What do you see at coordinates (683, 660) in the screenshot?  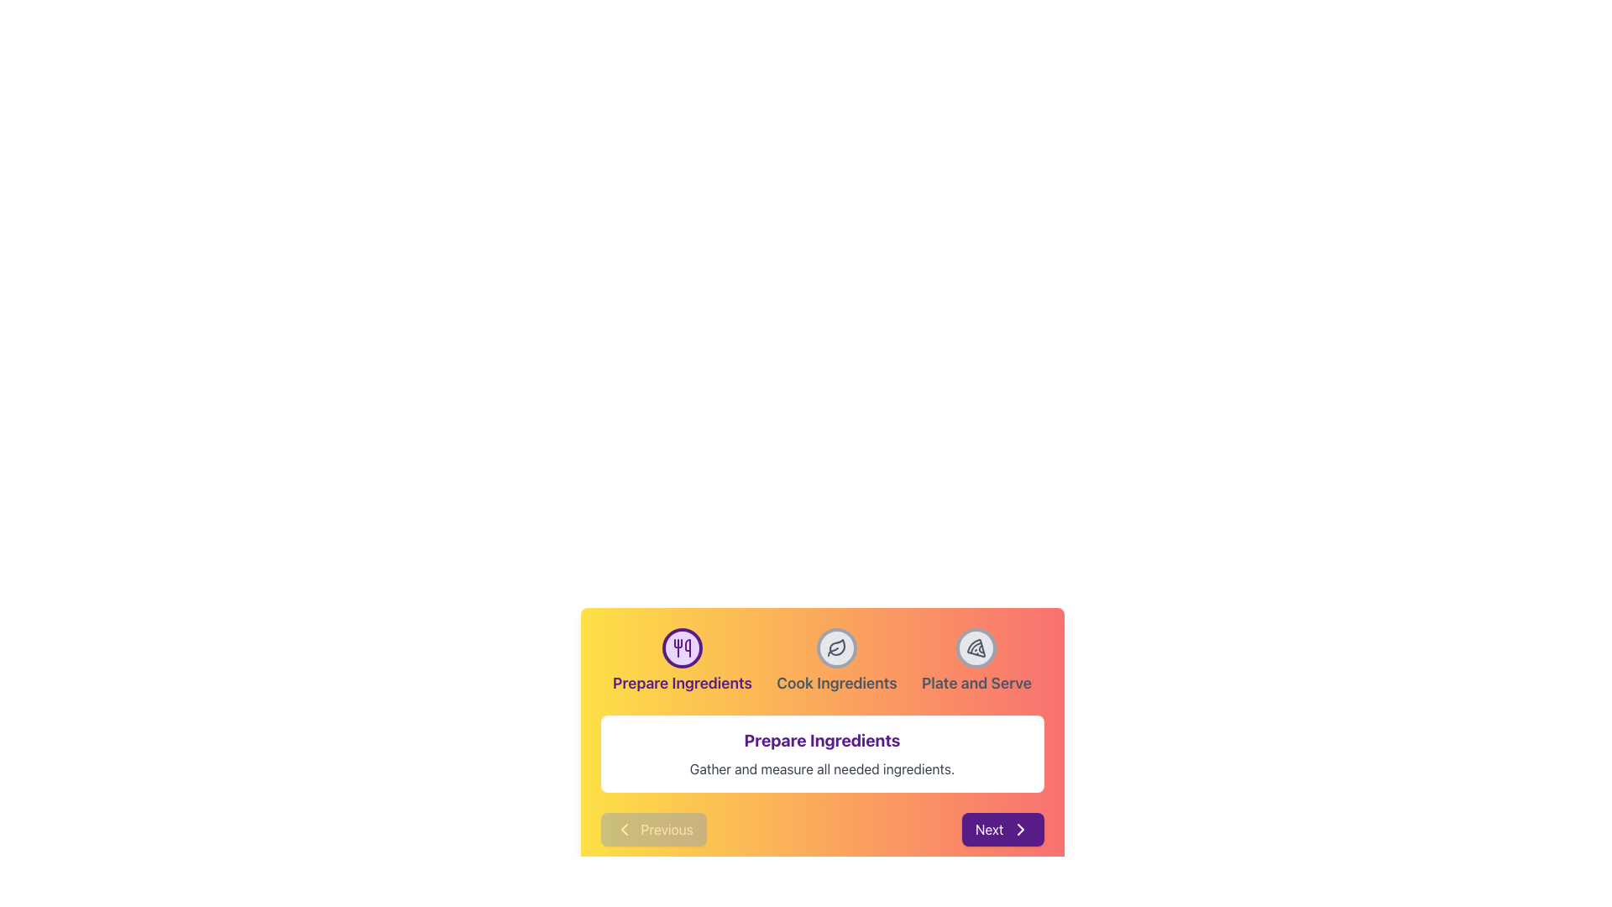 I see `the leftmost step indicator element labeled 'Prepare Ingredients', which features a circular icon with a purple outer ring and a lighter purple background containing a fork and spoon icon` at bounding box center [683, 660].